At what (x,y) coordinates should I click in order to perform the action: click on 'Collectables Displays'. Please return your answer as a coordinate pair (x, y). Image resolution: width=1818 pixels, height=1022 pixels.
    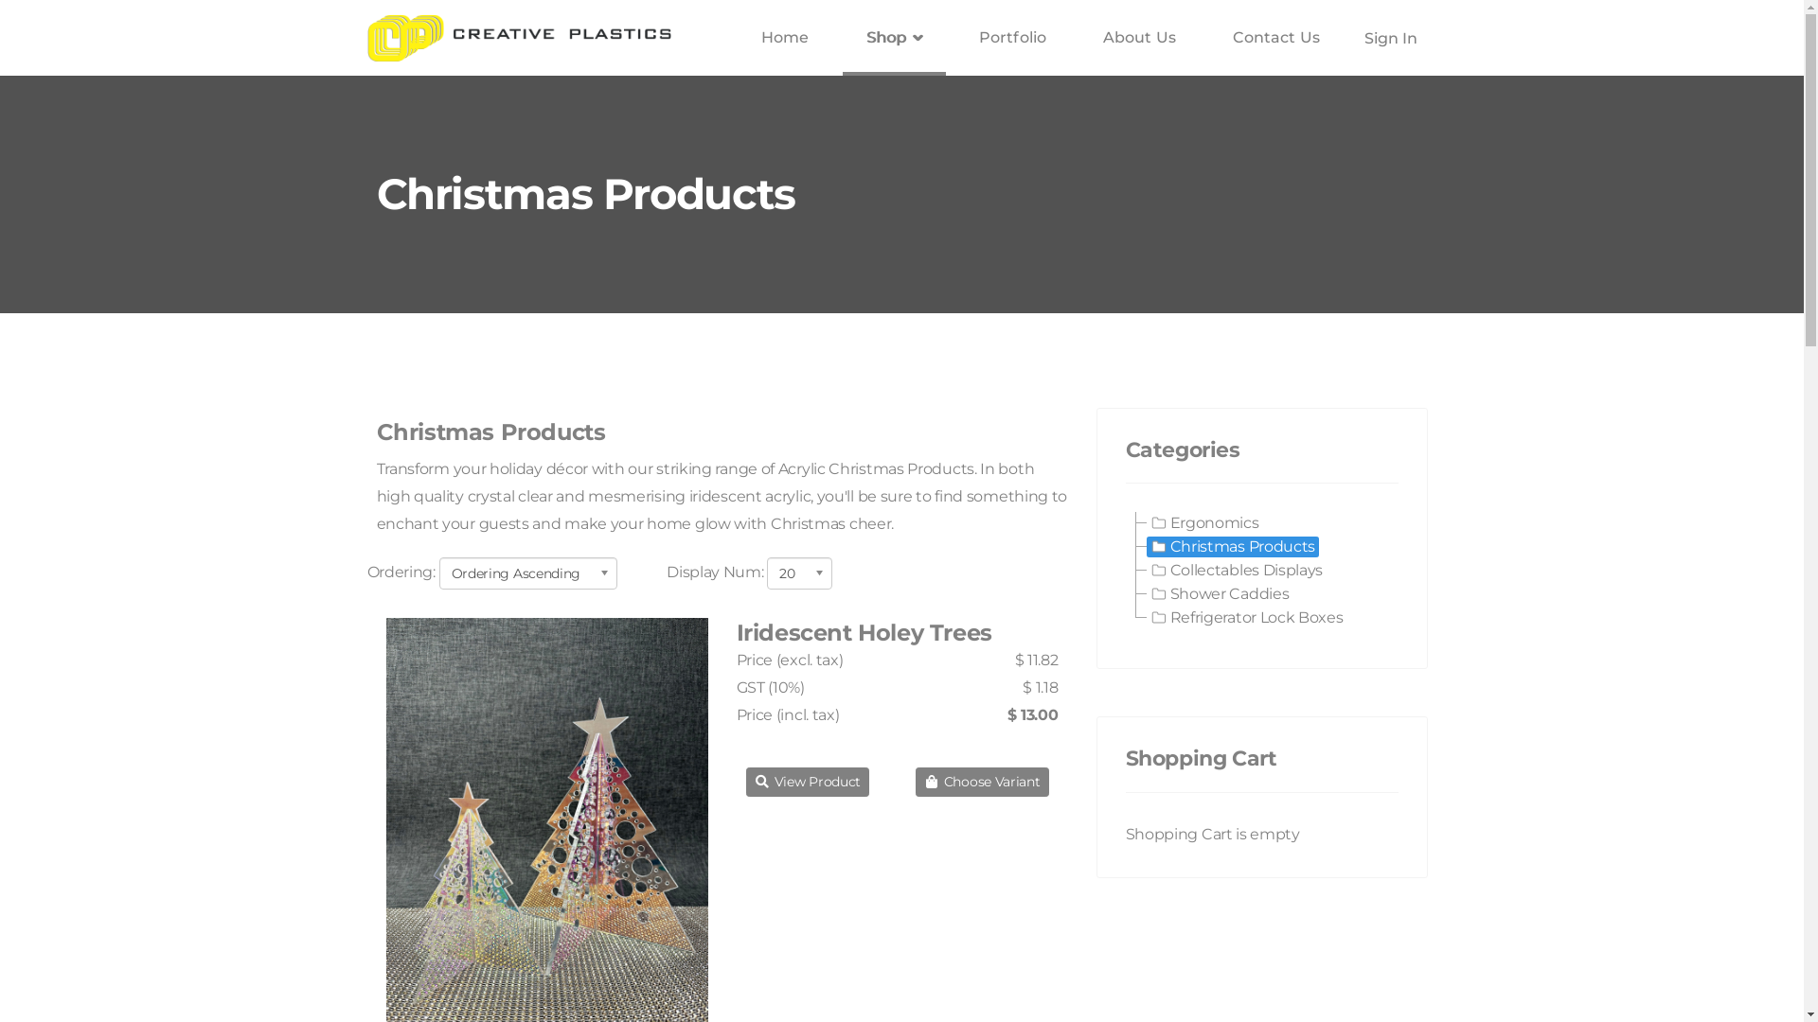
    Looking at the image, I should click on (1236, 569).